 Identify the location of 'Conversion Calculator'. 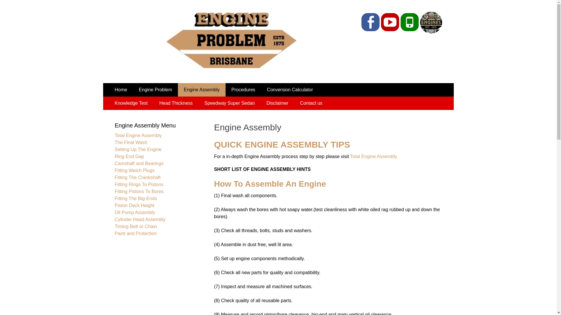
(290, 90).